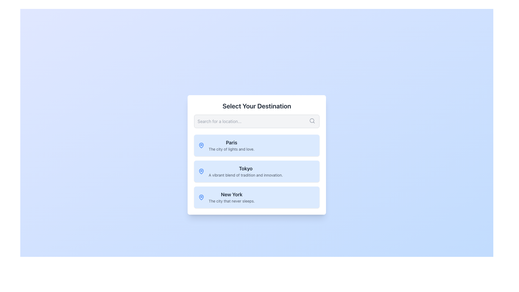 The width and height of the screenshot is (519, 292). I want to click on the static text display containing the content 'A vibrant blend of tradition and innovation.' which is positioned beneath the title 'Tokyo', so click(245, 175).